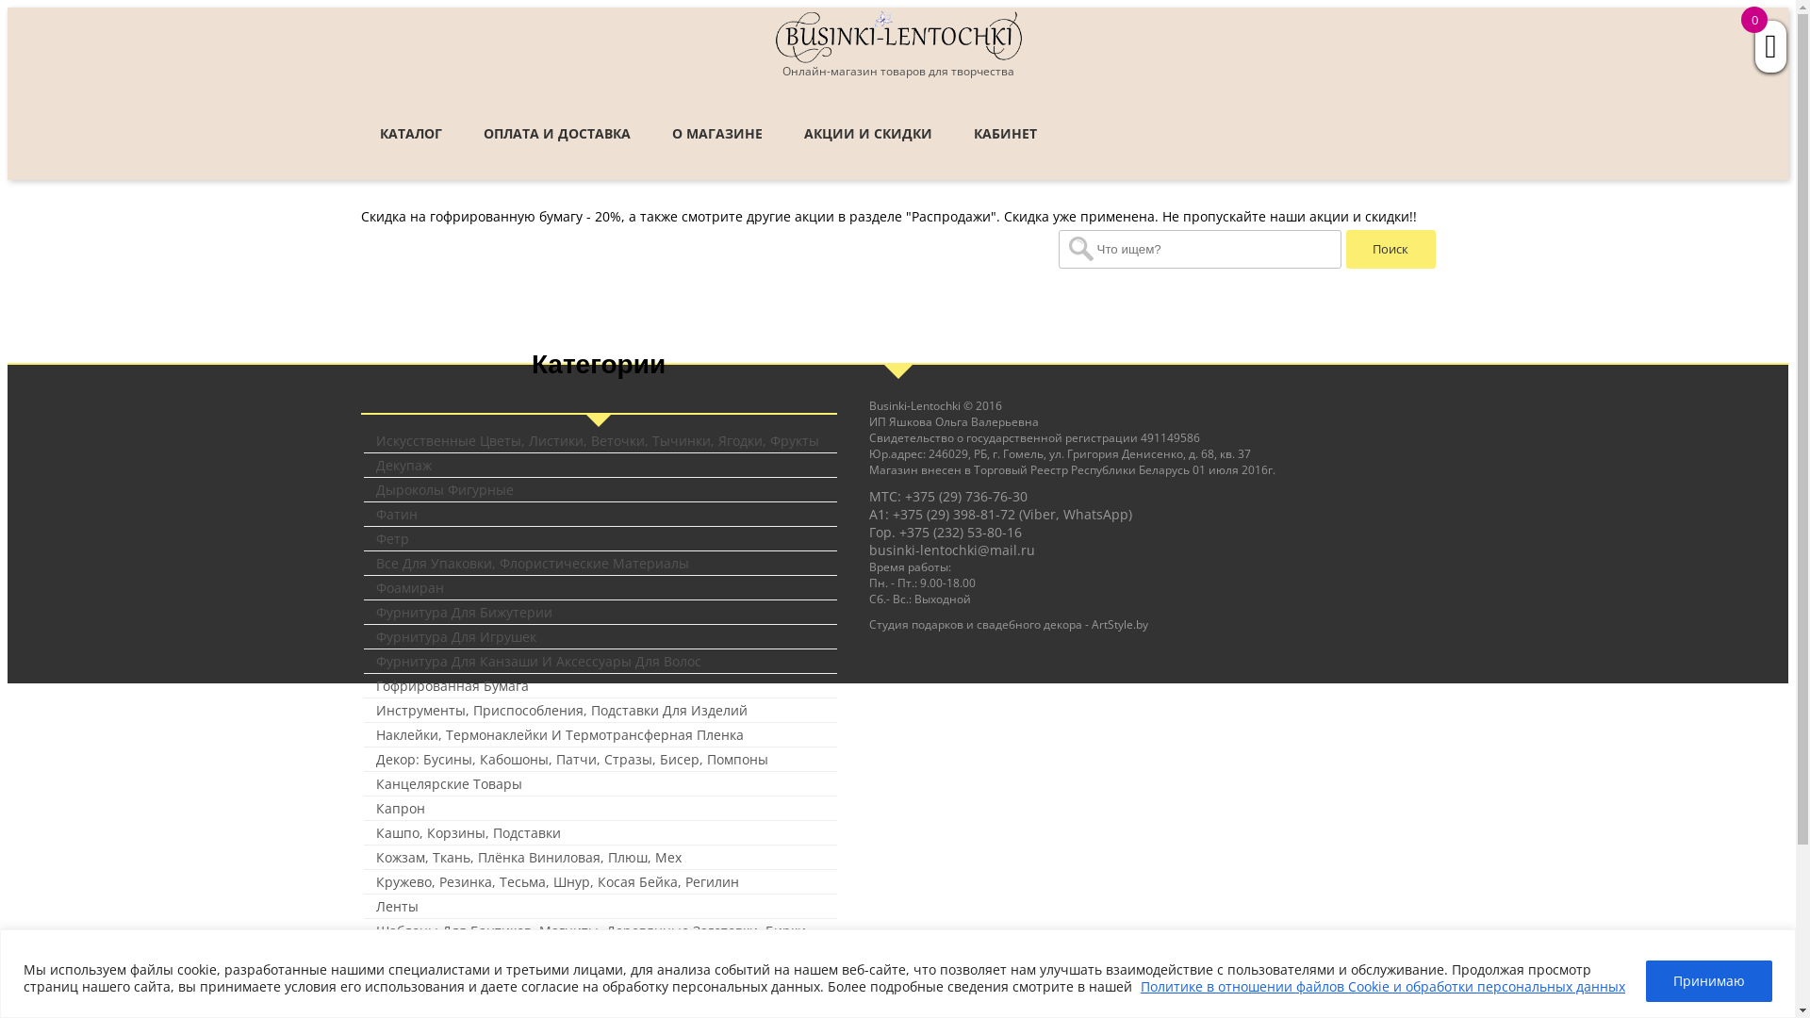 This screenshot has width=1810, height=1018. I want to click on 'Search for:', so click(1198, 248).